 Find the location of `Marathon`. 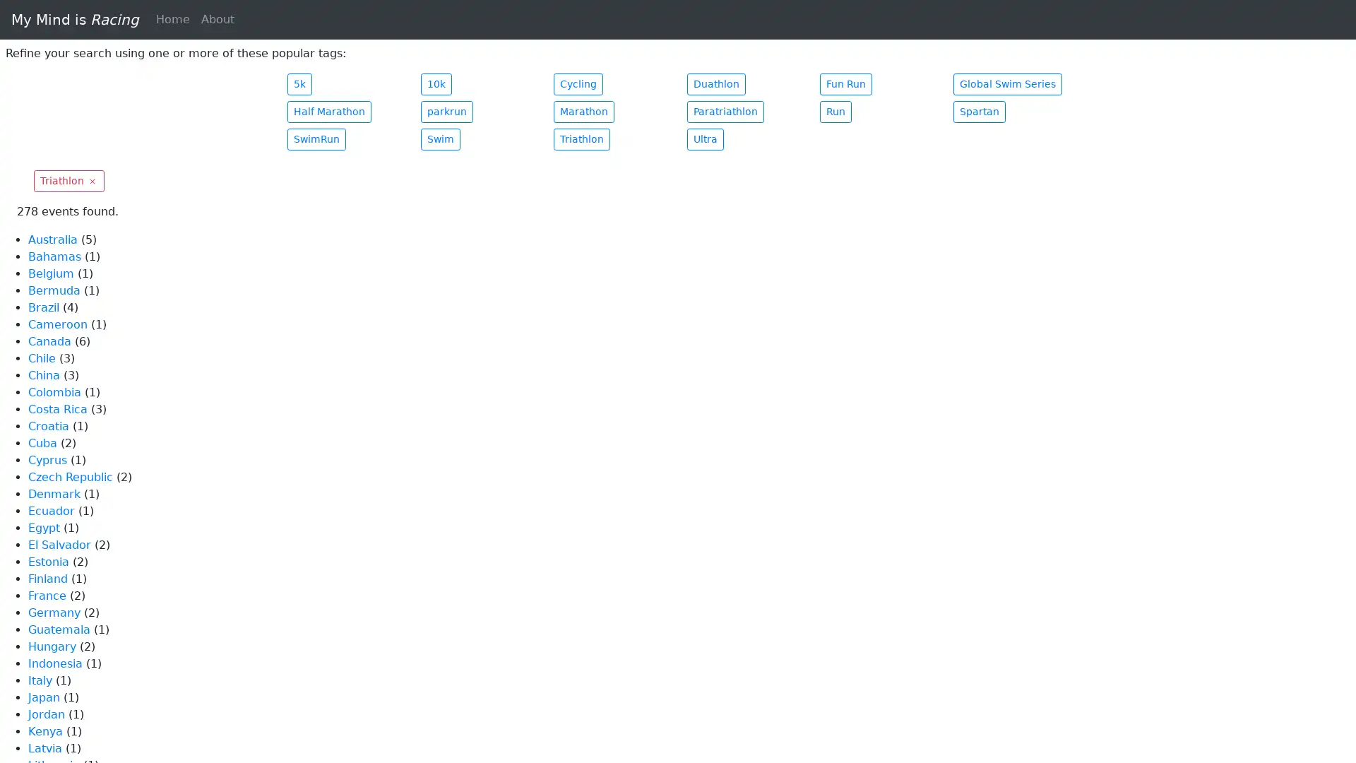

Marathon is located at coordinates (583, 111).